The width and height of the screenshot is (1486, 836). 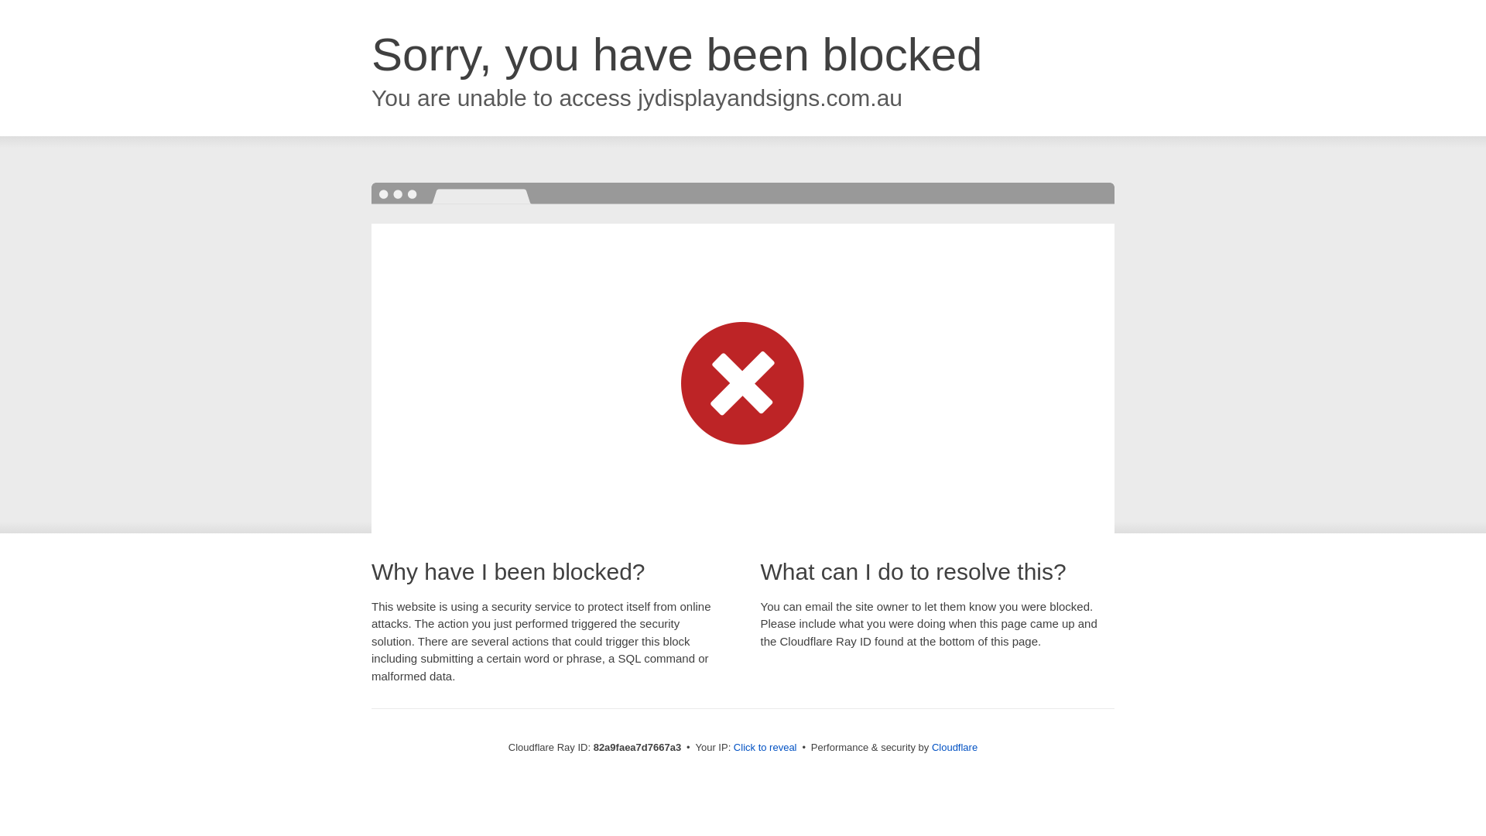 I want to click on 'Click to reveal', so click(x=765, y=746).